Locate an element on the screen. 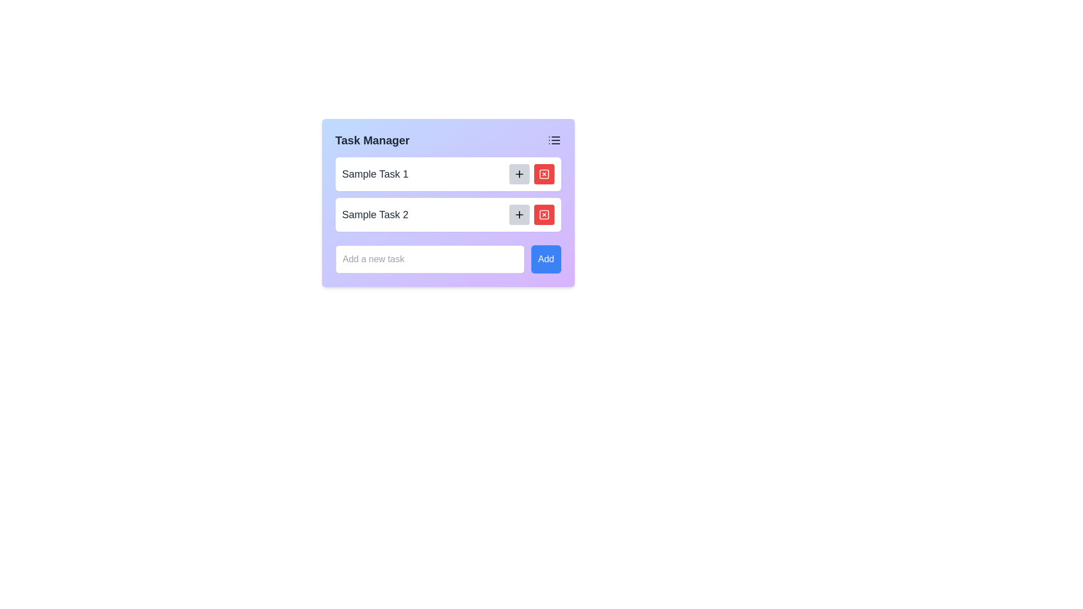 Image resolution: width=1083 pixels, height=609 pixels. the second button with an X icon in the horizontal layout to the right of 'Sample Task 2' is located at coordinates (544, 215).